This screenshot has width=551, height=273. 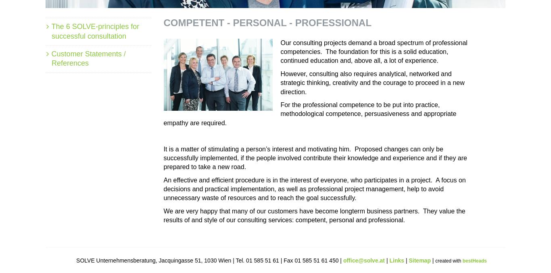 What do you see at coordinates (397, 260) in the screenshot?
I see `'Links'` at bounding box center [397, 260].